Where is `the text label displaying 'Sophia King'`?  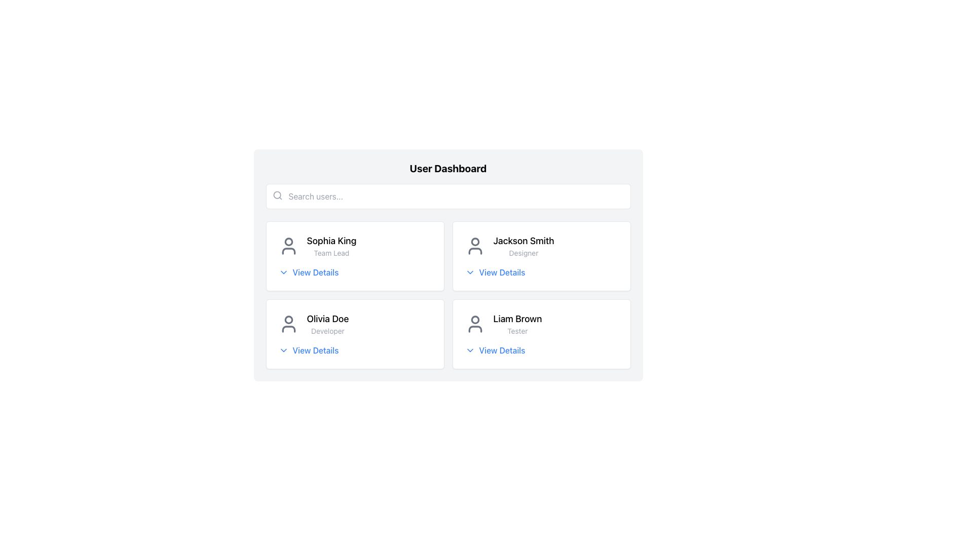
the text label displaying 'Sophia King' is located at coordinates (331, 241).